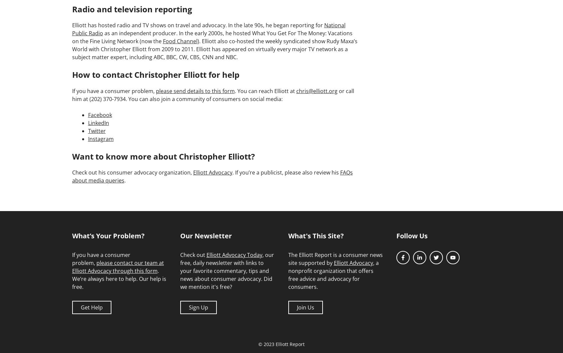 The height and width of the screenshot is (353, 563). What do you see at coordinates (87, 130) in the screenshot?
I see `'Twitter'` at bounding box center [87, 130].